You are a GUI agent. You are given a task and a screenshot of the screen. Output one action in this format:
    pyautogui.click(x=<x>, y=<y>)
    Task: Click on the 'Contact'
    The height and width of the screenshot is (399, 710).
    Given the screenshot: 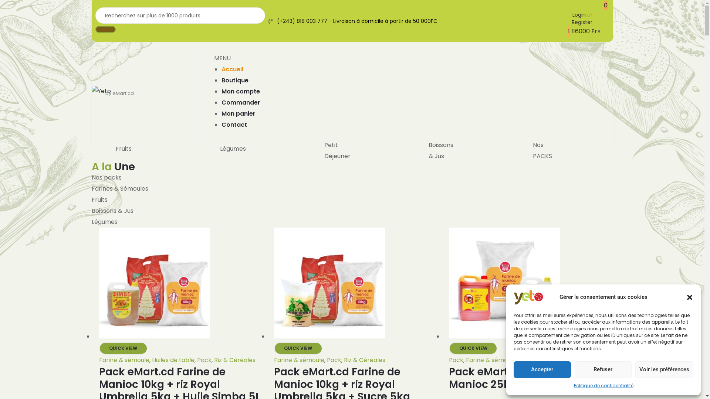 What is the action you would take?
    pyautogui.click(x=234, y=124)
    